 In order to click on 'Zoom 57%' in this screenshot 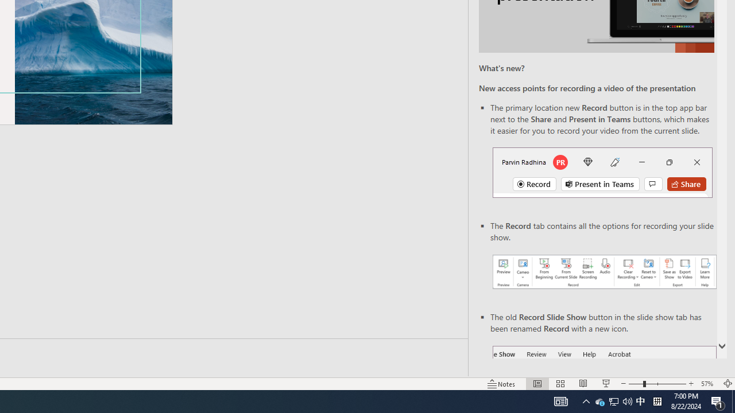, I will do `click(708, 384)`.